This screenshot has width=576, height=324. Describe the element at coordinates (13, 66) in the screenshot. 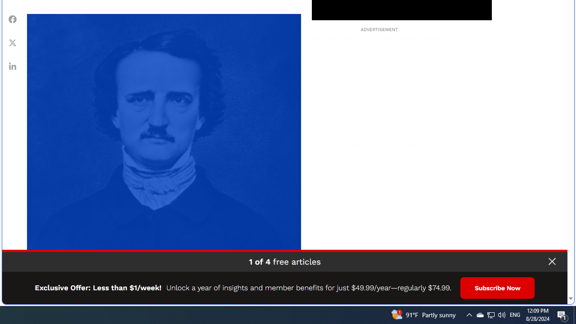

I see `'Class: fs-icon fs-icon--linkedin'` at that location.